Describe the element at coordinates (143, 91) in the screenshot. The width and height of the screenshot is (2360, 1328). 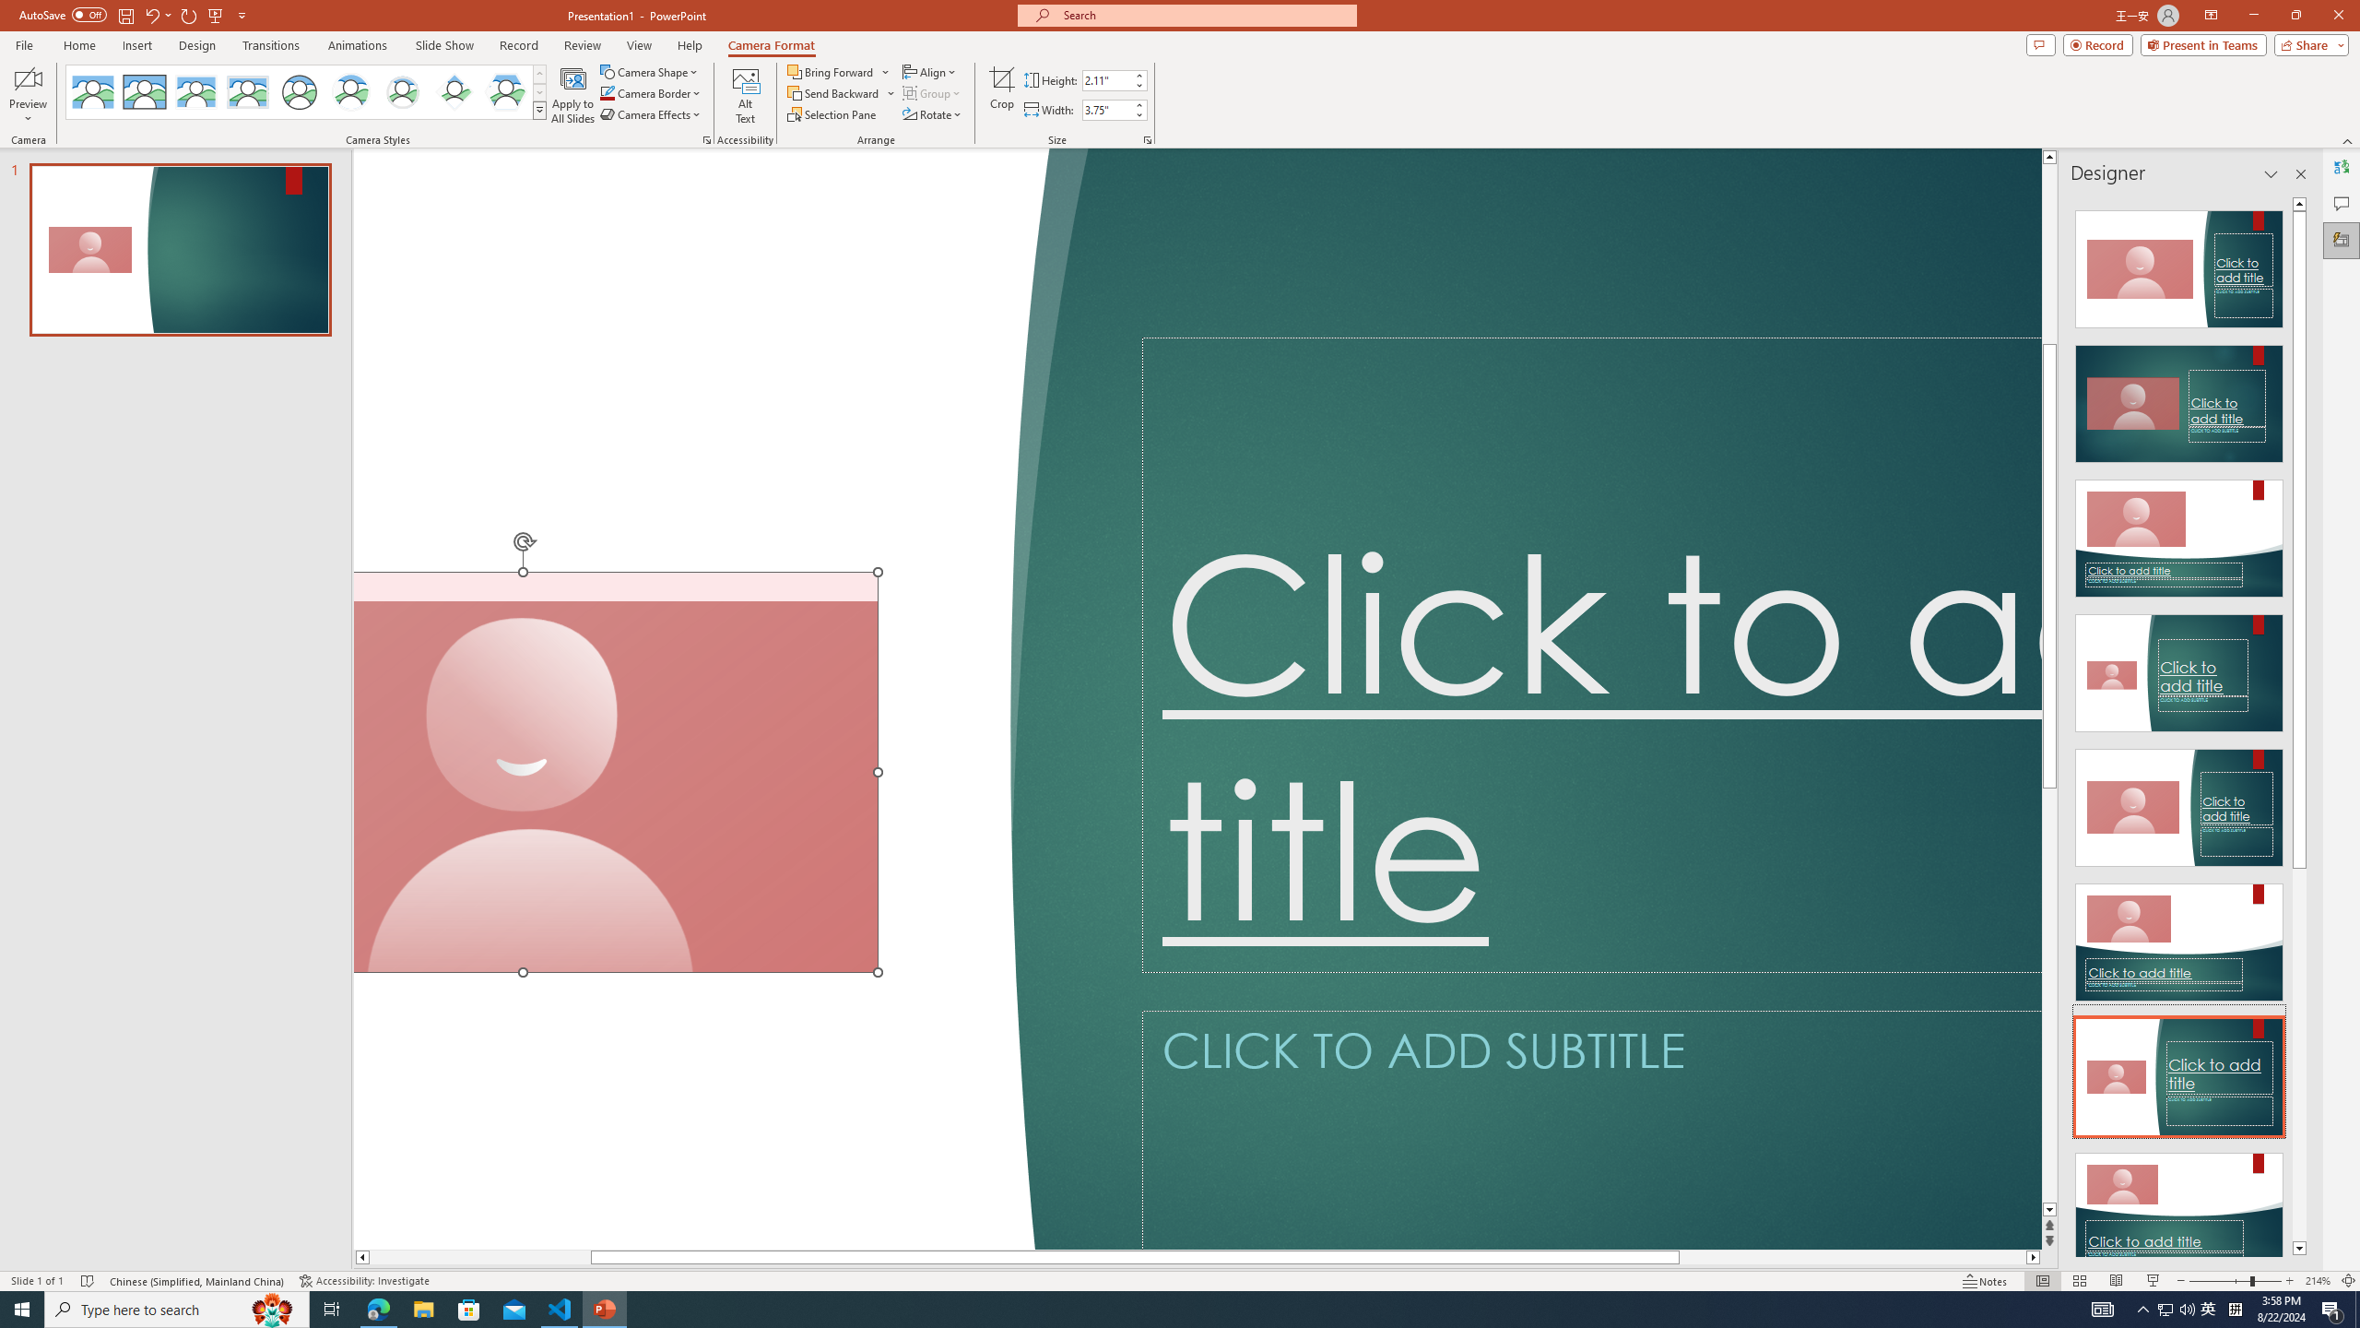
I see `'Simple Frame Rectangle'` at that location.